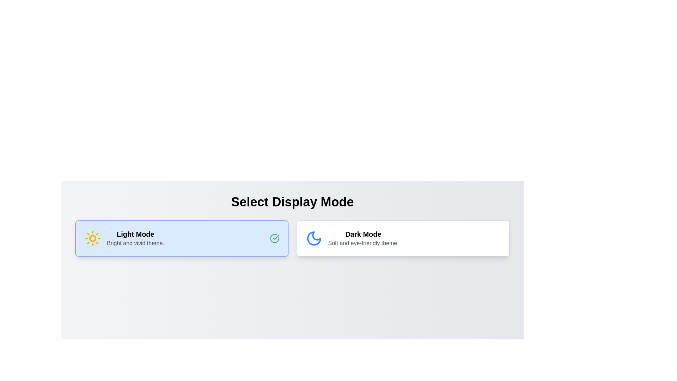 The width and height of the screenshot is (677, 381). I want to click on the green checkmark icon indicating the selection of the 'Light Mode' option, located in the top-right section of the Light Mode card, so click(274, 238).